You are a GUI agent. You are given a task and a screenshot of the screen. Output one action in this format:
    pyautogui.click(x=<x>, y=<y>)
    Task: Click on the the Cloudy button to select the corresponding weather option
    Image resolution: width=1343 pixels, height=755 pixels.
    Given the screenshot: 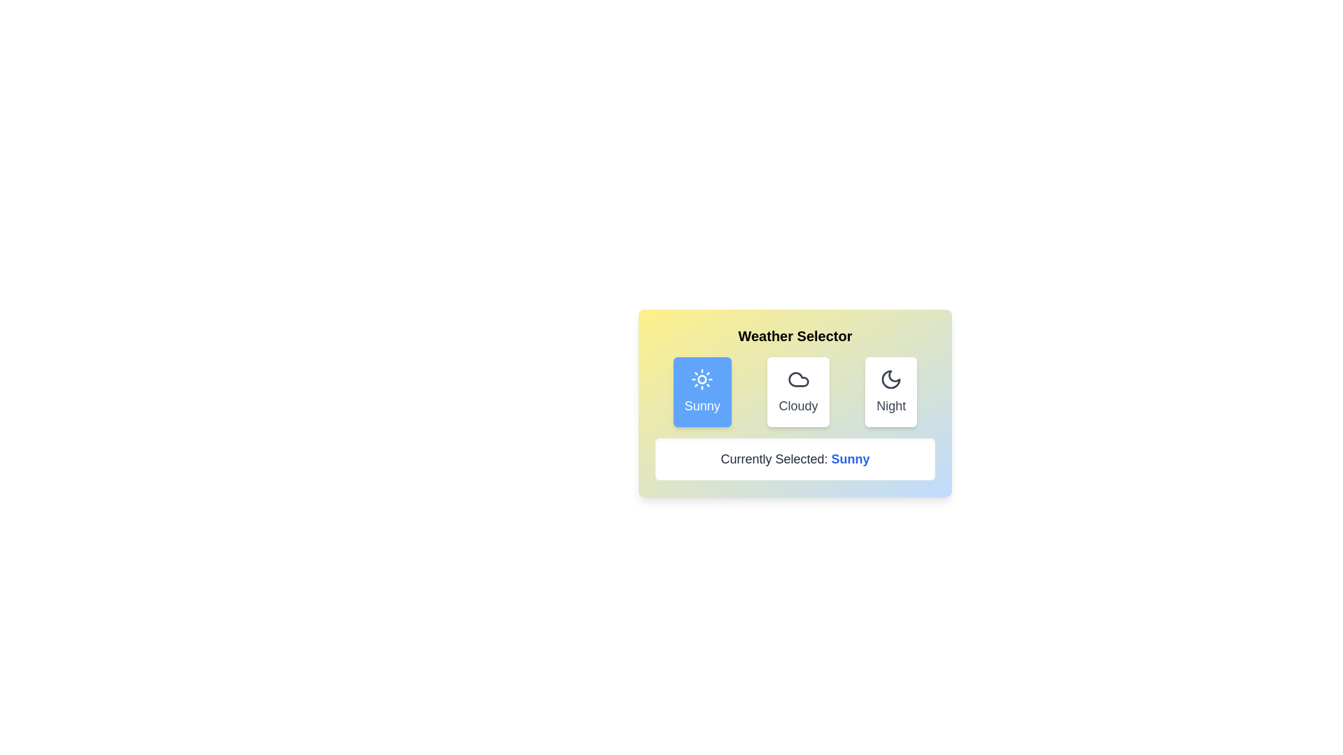 What is the action you would take?
    pyautogui.click(x=798, y=391)
    